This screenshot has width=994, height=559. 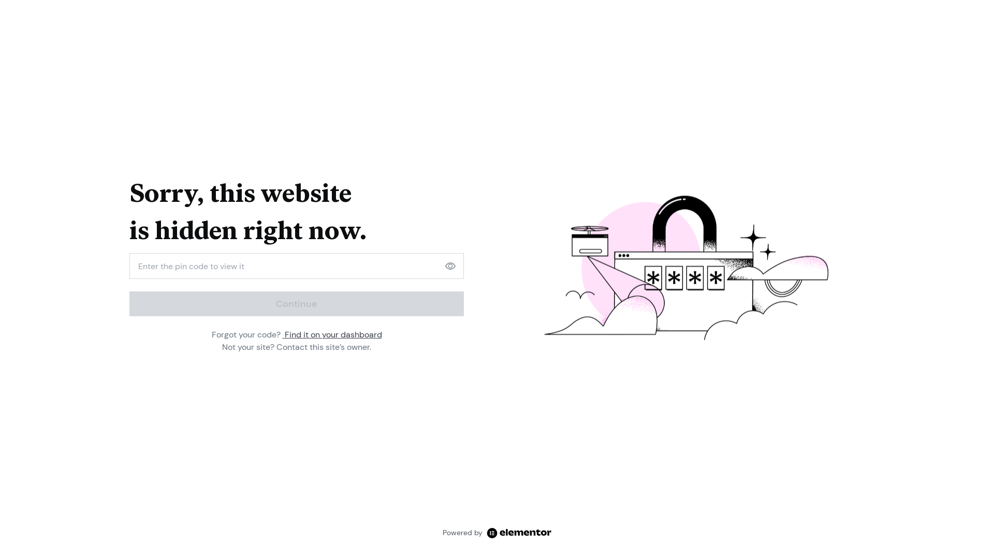 What do you see at coordinates (332, 334) in the screenshot?
I see `'Find it on your dashboard'` at bounding box center [332, 334].